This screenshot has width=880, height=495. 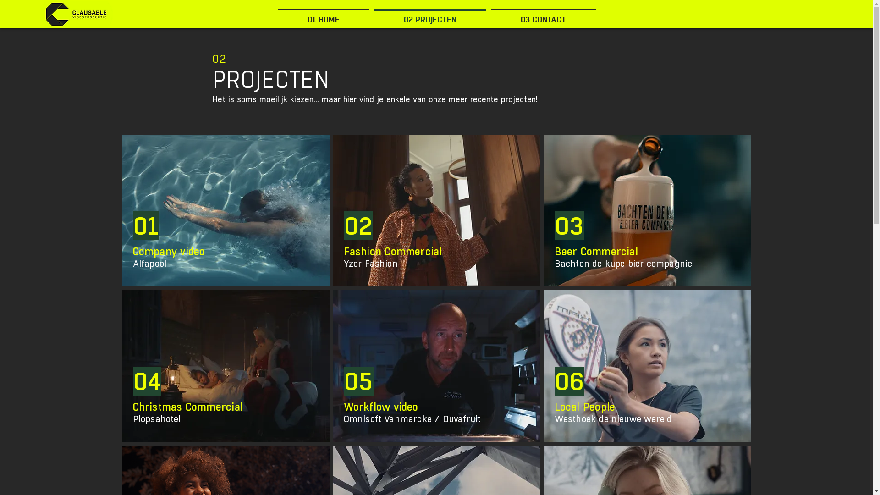 What do you see at coordinates (157, 419) in the screenshot?
I see `'Plopsahotel'` at bounding box center [157, 419].